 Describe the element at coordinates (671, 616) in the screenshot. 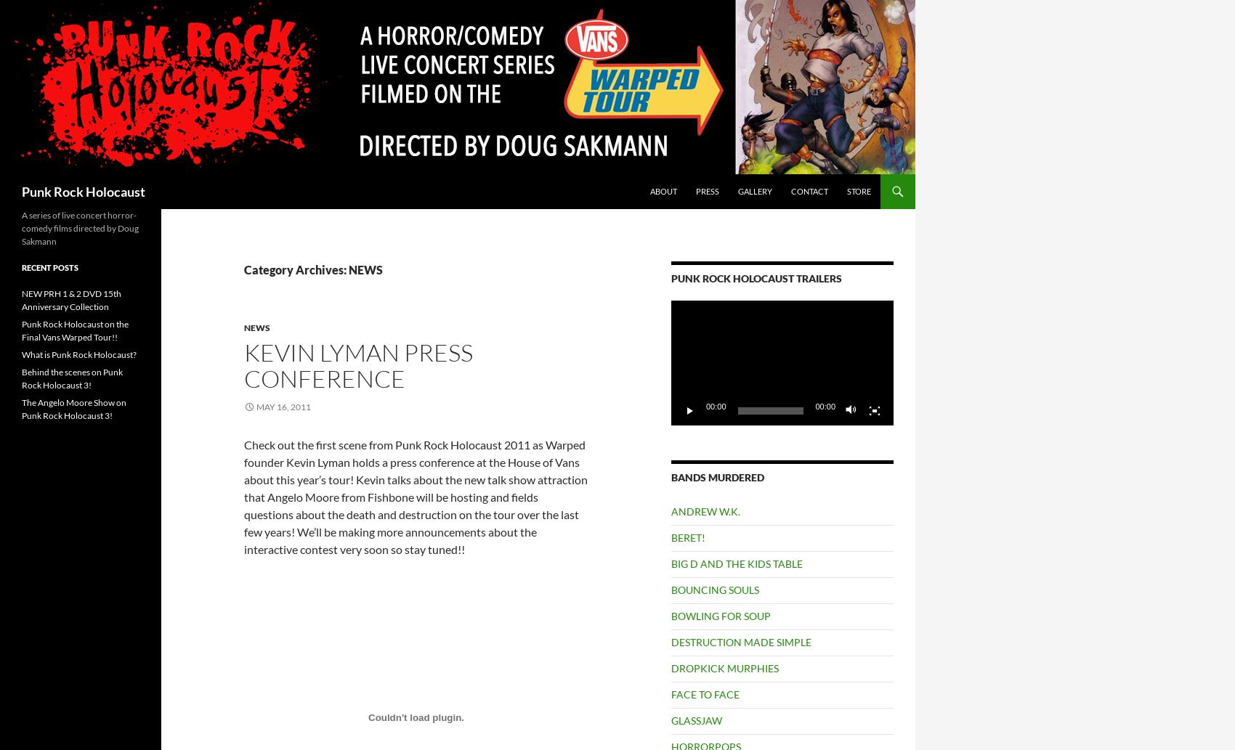

I see `'BOWLING FOR SOUP'` at that location.